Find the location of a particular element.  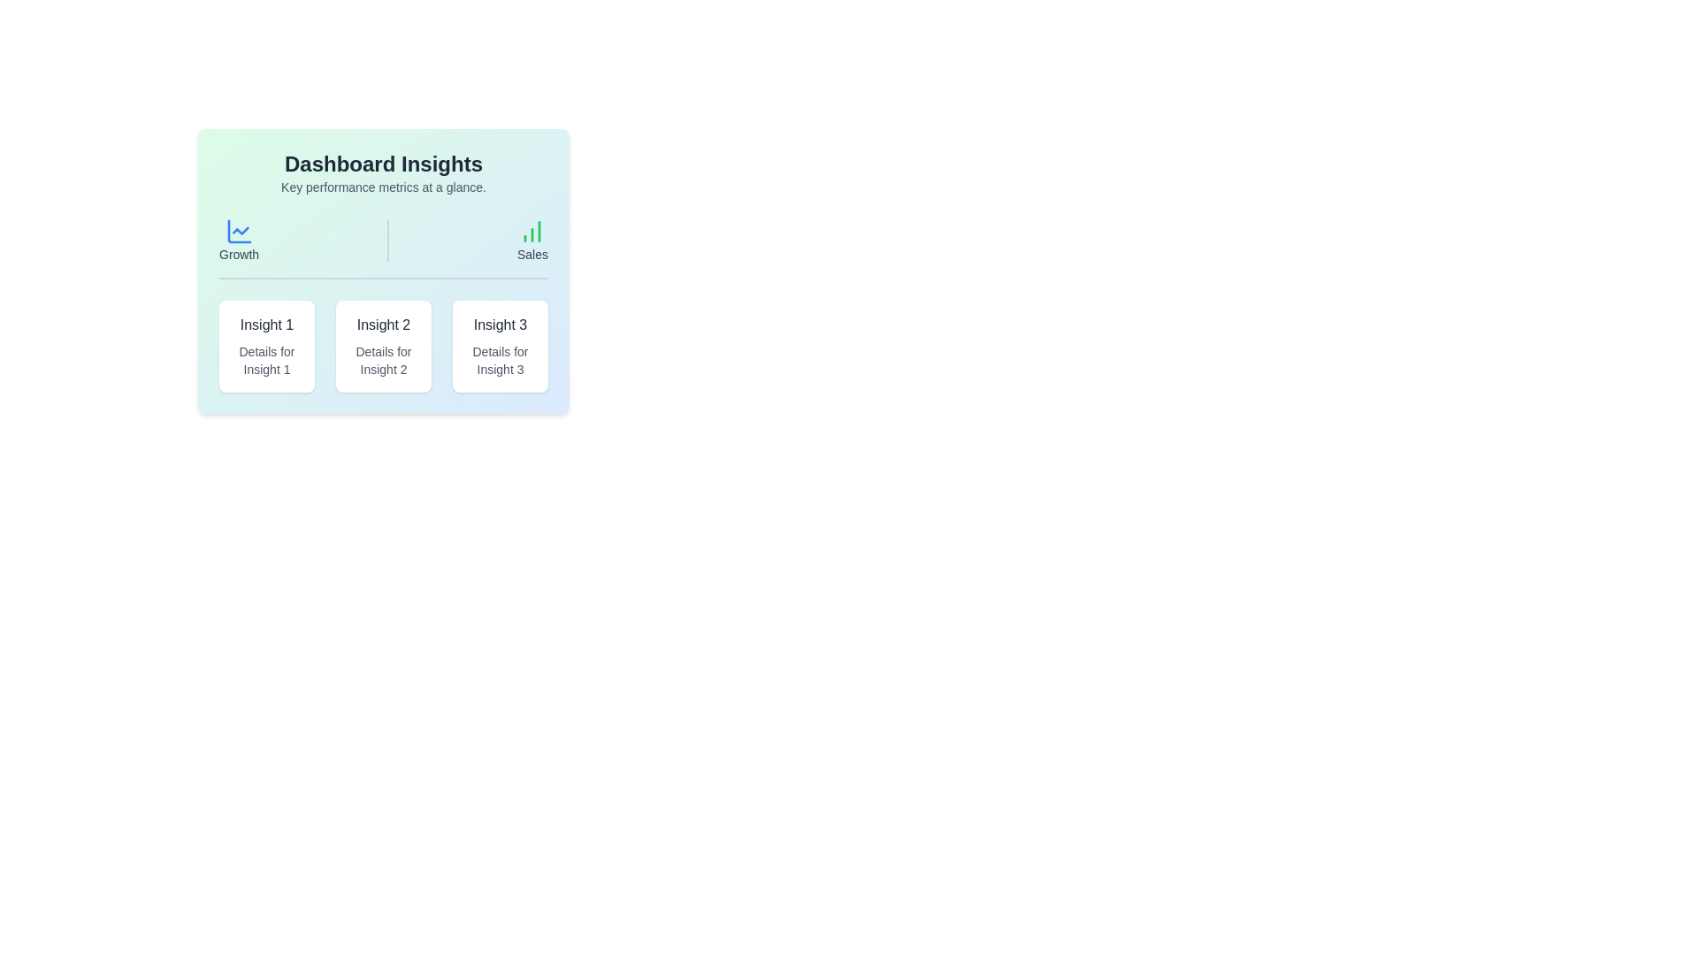

static text label that reads 'Details for Insight 2', located below the bold title 'Insight 2' within the center card under 'Dashboard Insights' is located at coordinates (382, 360).